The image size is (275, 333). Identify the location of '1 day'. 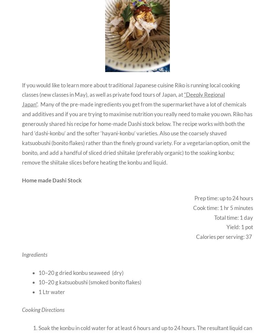
(246, 217).